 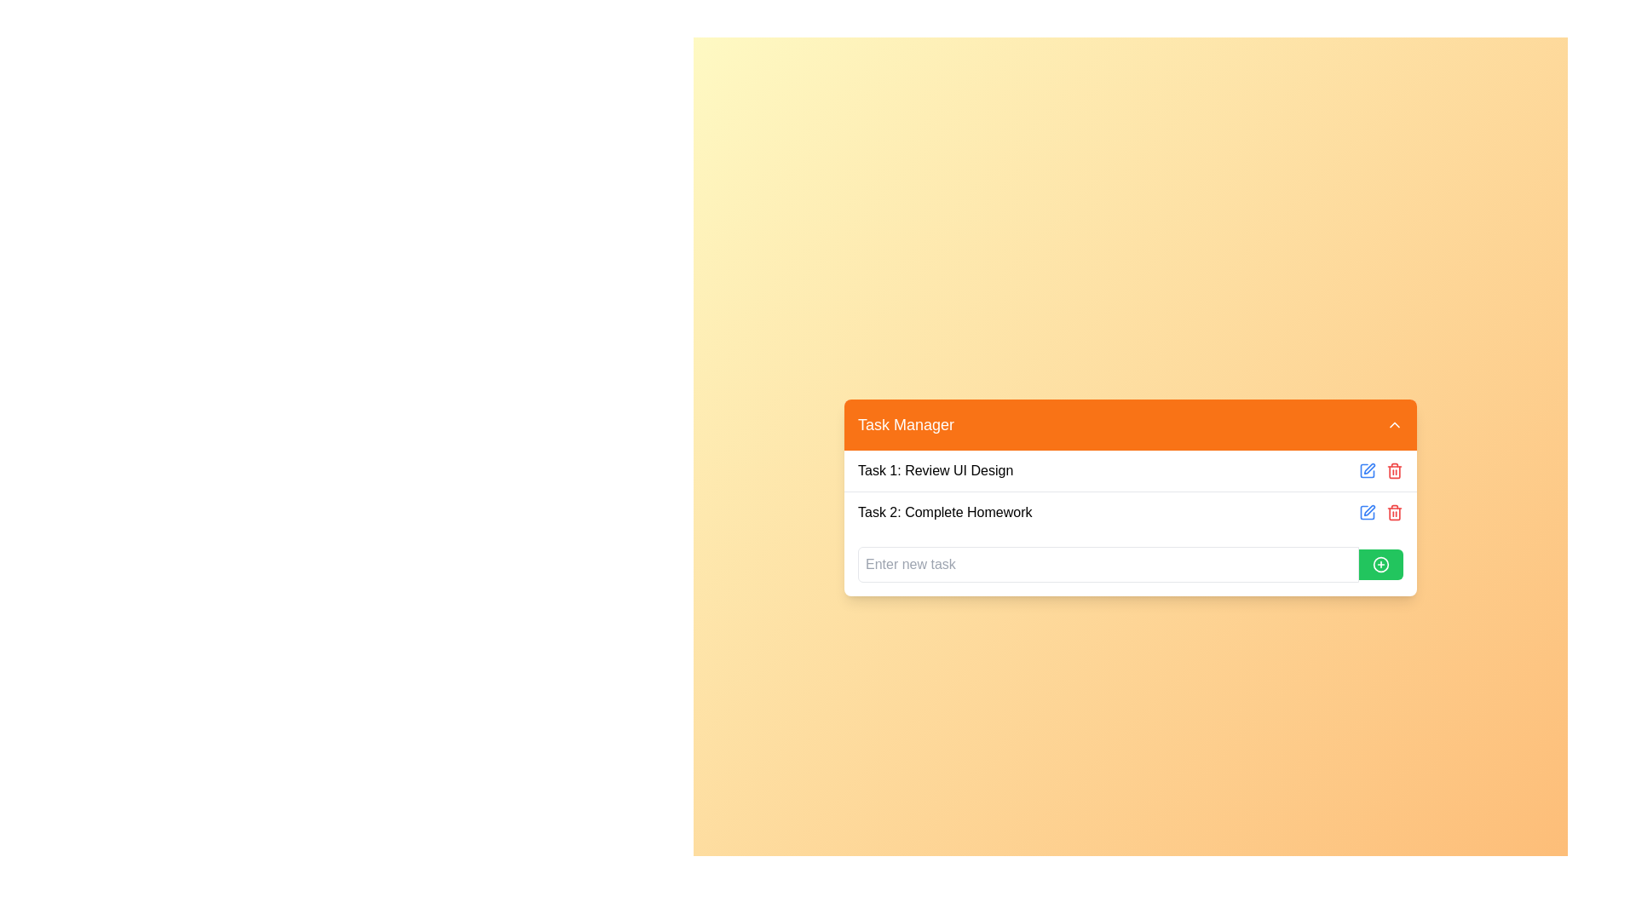 I want to click on the circular '+' icon button located at the bottom-right corner of the task management interface, which features a green background and a thin white stroke, so click(x=1381, y=564).